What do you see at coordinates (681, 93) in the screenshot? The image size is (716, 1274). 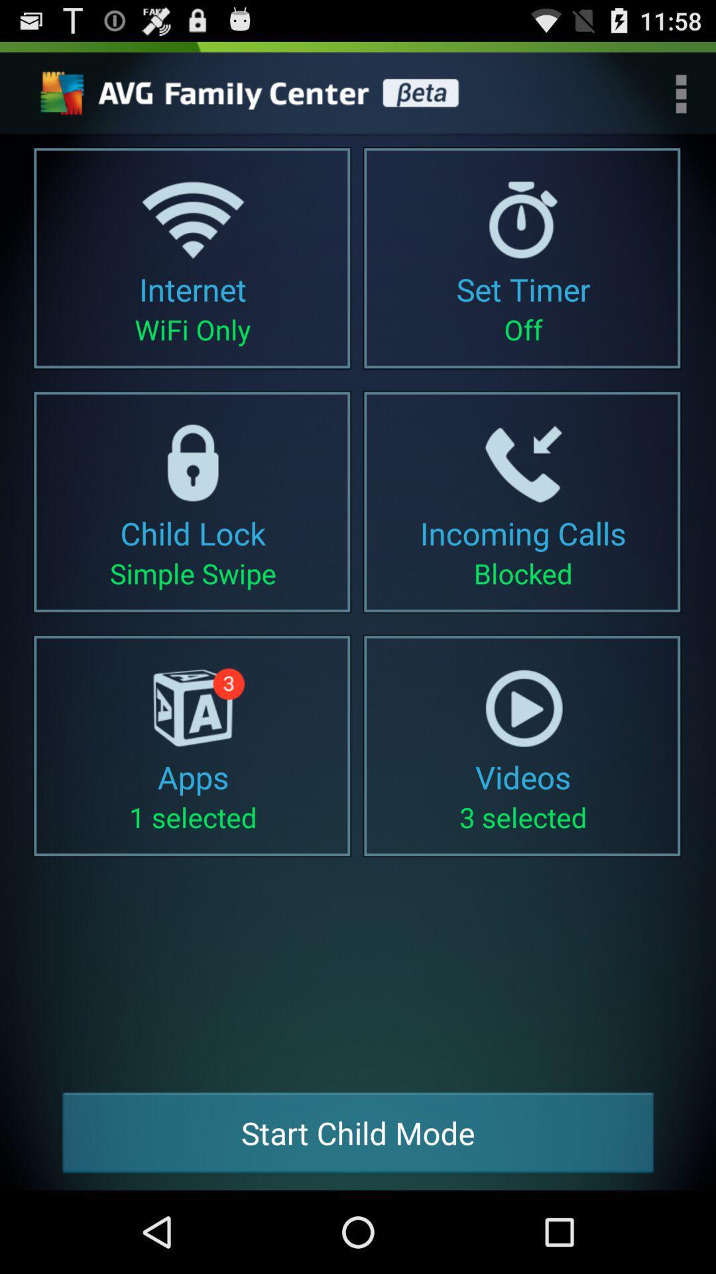 I see `menu` at bounding box center [681, 93].